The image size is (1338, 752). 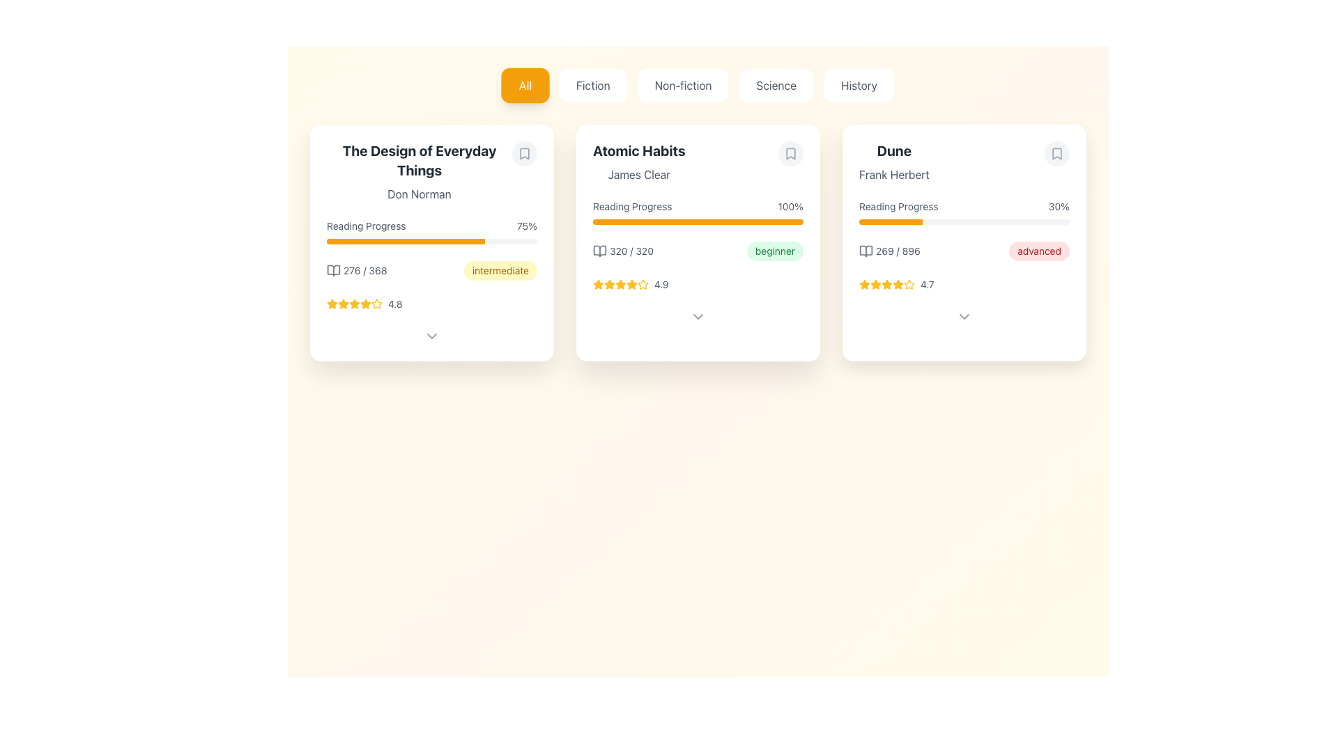 What do you see at coordinates (399, 241) in the screenshot?
I see `the reading progress bar` at bounding box center [399, 241].